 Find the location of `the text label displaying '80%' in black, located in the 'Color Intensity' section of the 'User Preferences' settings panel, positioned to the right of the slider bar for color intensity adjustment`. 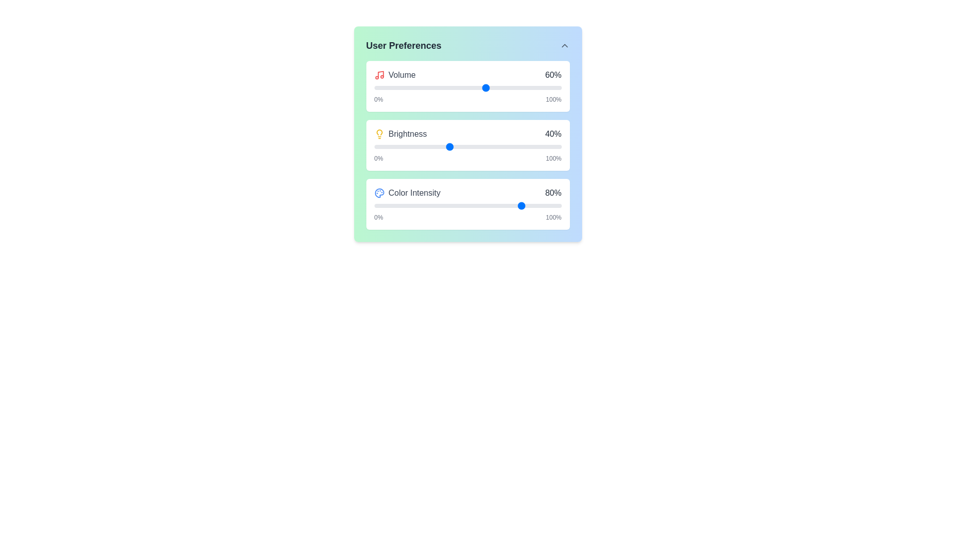

the text label displaying '80%' in black, located in the 'Color Intensity' section of the 'User Preferences' settings panel, positioned to the right of the slider bar for color intensity adjustment is located at coordinates (553, 193).